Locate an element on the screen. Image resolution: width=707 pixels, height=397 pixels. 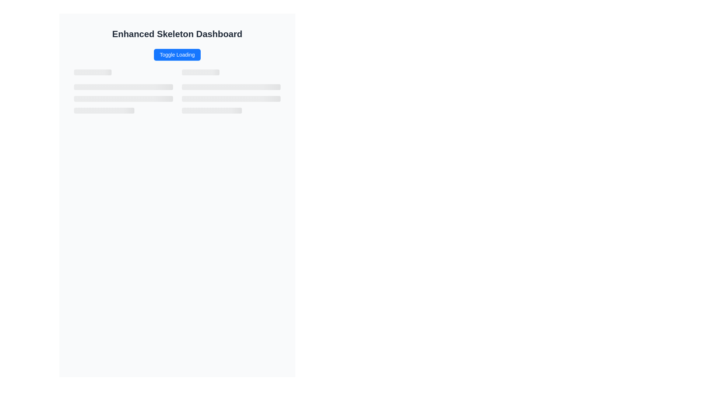
the loading animation of the second skeleton loader placeholder, which is a gray rectangular block structure positioned in the second column of the grid layout is located at coordinates (231, 91).